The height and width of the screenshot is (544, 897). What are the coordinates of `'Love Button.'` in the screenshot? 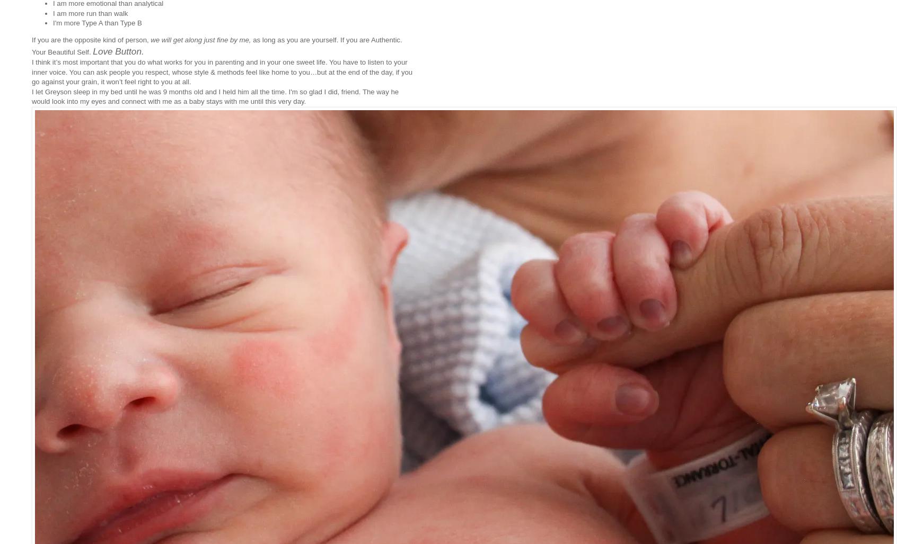 It's located at (118, 50).